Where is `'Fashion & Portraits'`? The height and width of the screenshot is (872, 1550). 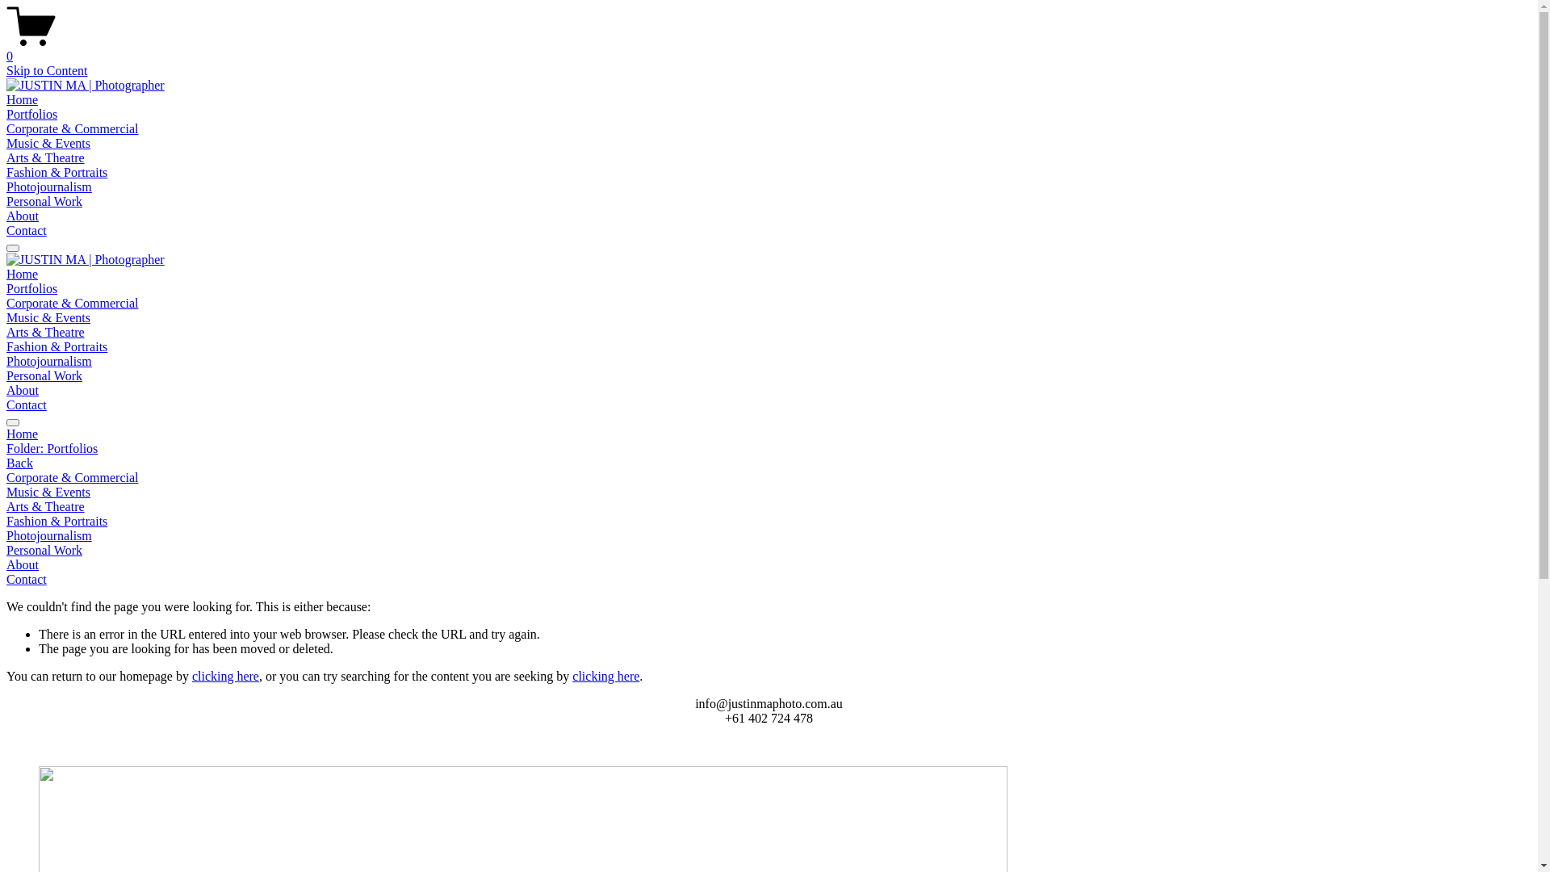 'Fashion & Portraits' is located at coordinates (768, 521).